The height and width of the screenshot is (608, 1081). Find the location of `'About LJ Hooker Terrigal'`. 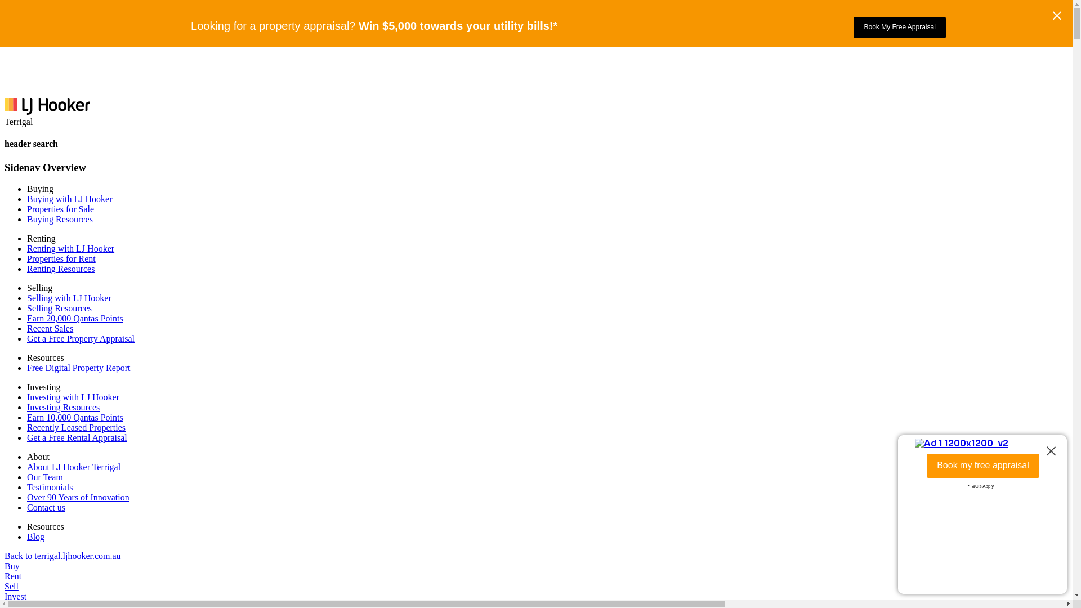

'About LJ Hooker Terrigal' is located at coordinates (73, 467).